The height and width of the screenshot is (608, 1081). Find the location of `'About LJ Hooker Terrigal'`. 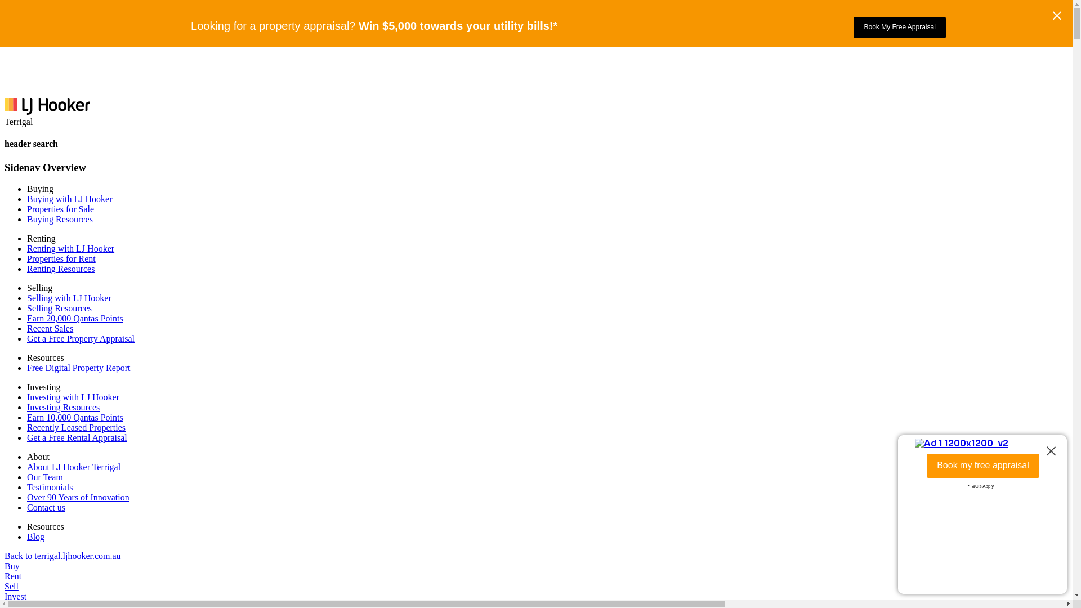

'About LJ Hooker Terrigal' is located at coordinates (73, 467).